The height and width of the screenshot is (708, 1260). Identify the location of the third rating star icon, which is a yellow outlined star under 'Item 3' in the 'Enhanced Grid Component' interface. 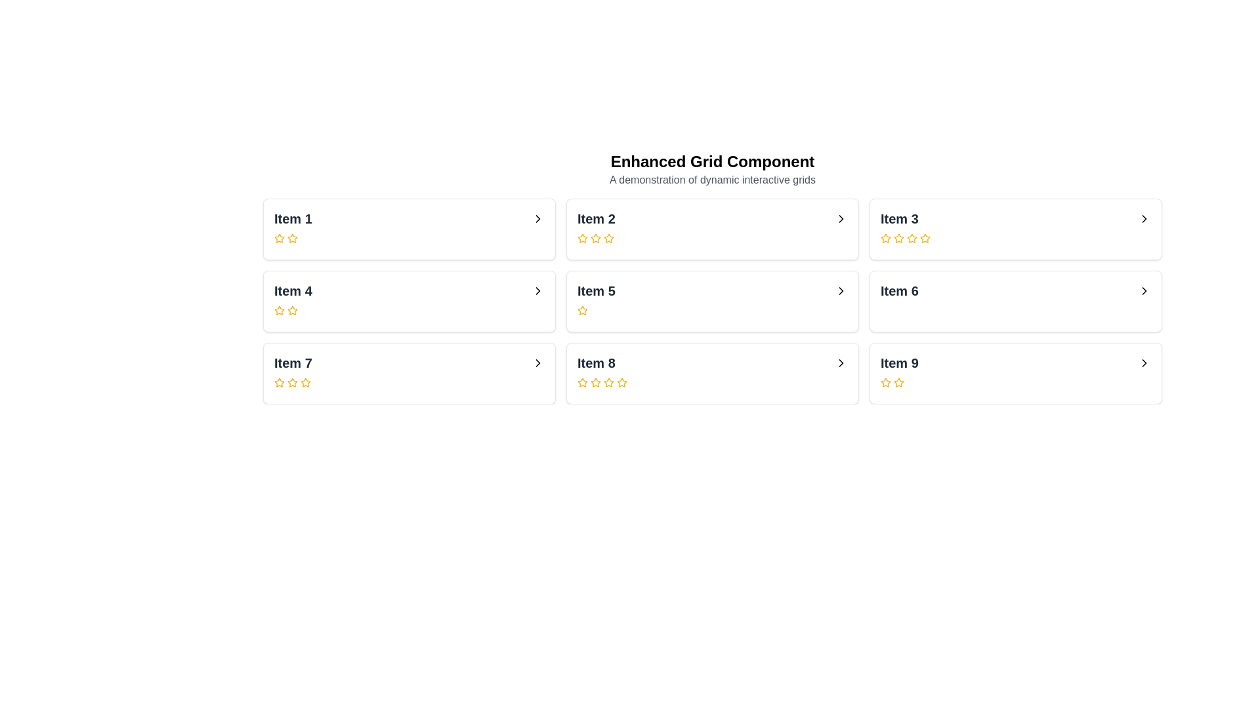
(898, 238).